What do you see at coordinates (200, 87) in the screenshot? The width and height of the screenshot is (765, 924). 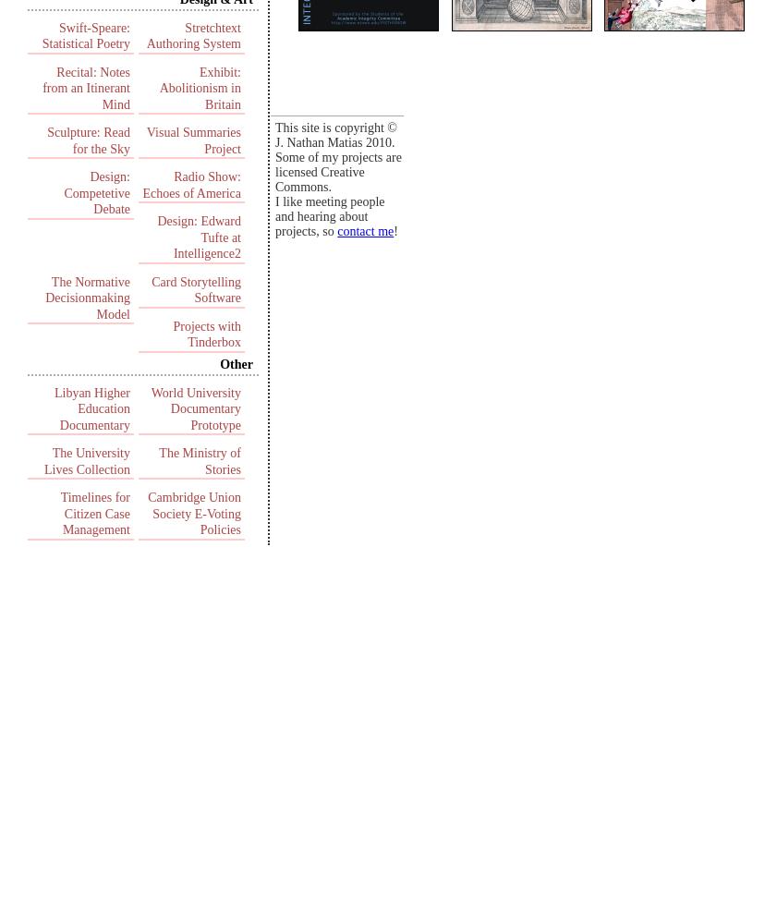 I see `'Exhibit: Abolitionism in Britain'` at bounding box center [200, 87].